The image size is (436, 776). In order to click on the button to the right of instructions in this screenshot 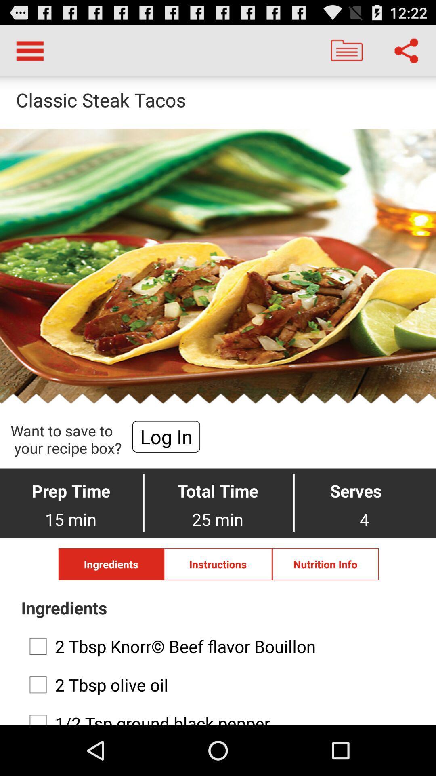, I will do `click(325, 564)`.